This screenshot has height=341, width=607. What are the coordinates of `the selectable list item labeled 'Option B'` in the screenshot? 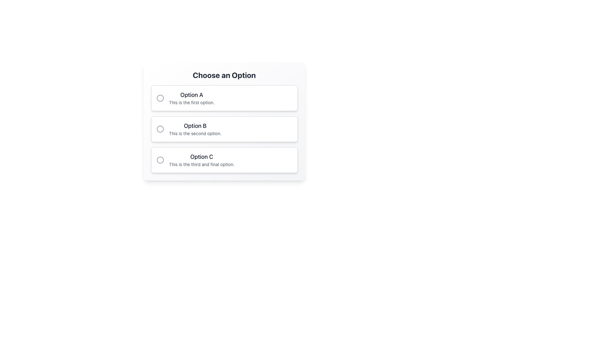 It's located at (224, 129).